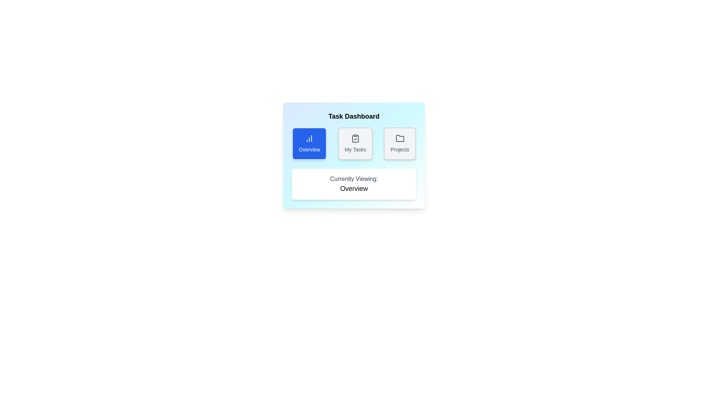 The height and width of the screenshot is (398, 708). Describe the element at coordinates (355, 138) in the screenshot. I see `the icon of the tab labeled 'My Tasks' for inspection` at that location.